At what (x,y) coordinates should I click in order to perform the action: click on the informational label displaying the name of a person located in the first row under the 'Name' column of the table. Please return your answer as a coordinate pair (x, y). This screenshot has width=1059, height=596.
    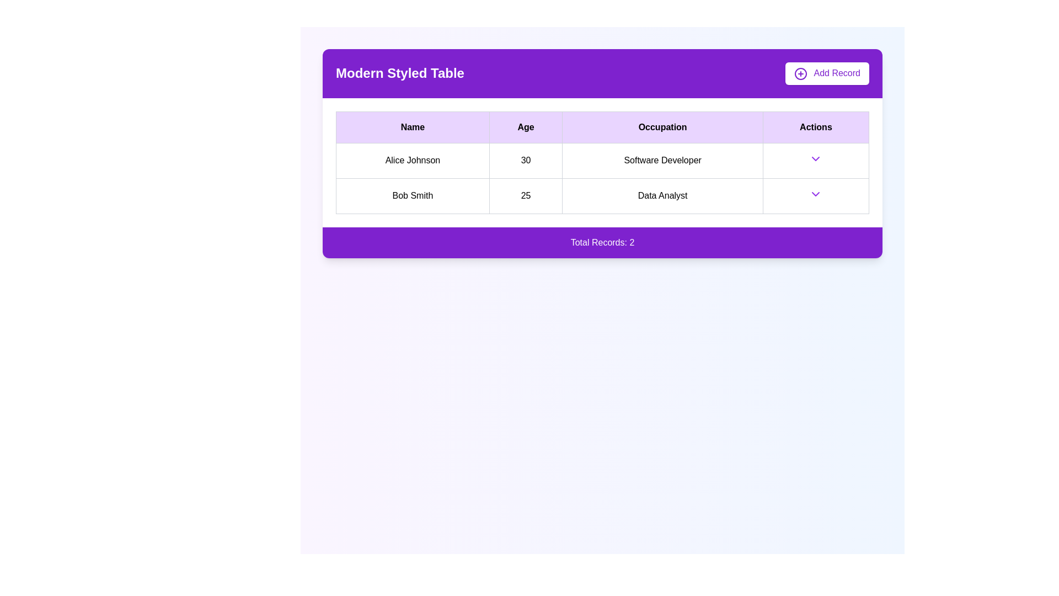
    Looking at the image, I should click on (412, 161).